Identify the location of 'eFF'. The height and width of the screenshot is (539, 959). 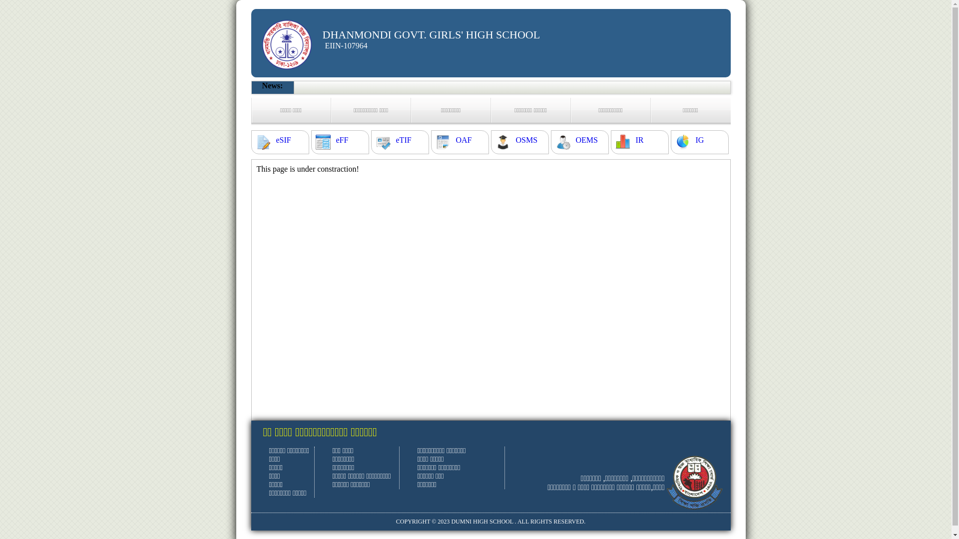
(342, 140).